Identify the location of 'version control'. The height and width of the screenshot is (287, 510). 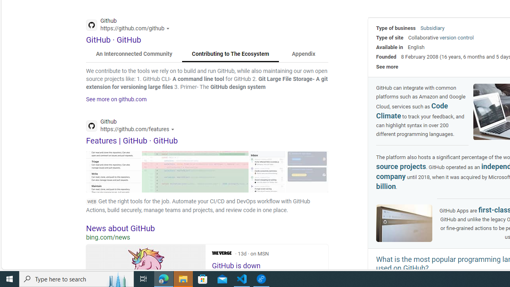
(457, 37).